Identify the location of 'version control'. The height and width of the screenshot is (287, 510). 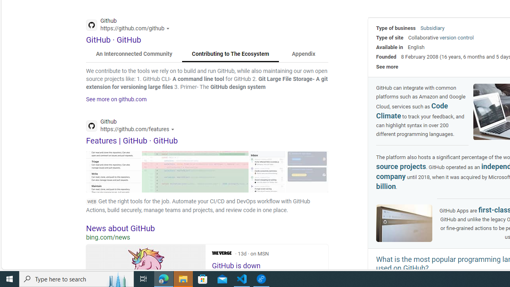
(457, 37).